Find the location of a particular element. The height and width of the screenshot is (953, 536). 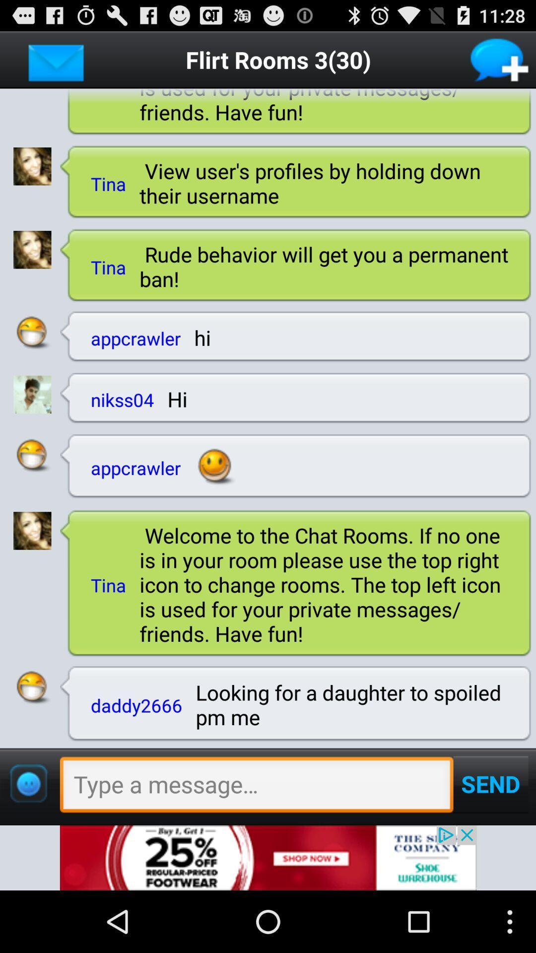

new conversation is located at coordinates (500, 59).